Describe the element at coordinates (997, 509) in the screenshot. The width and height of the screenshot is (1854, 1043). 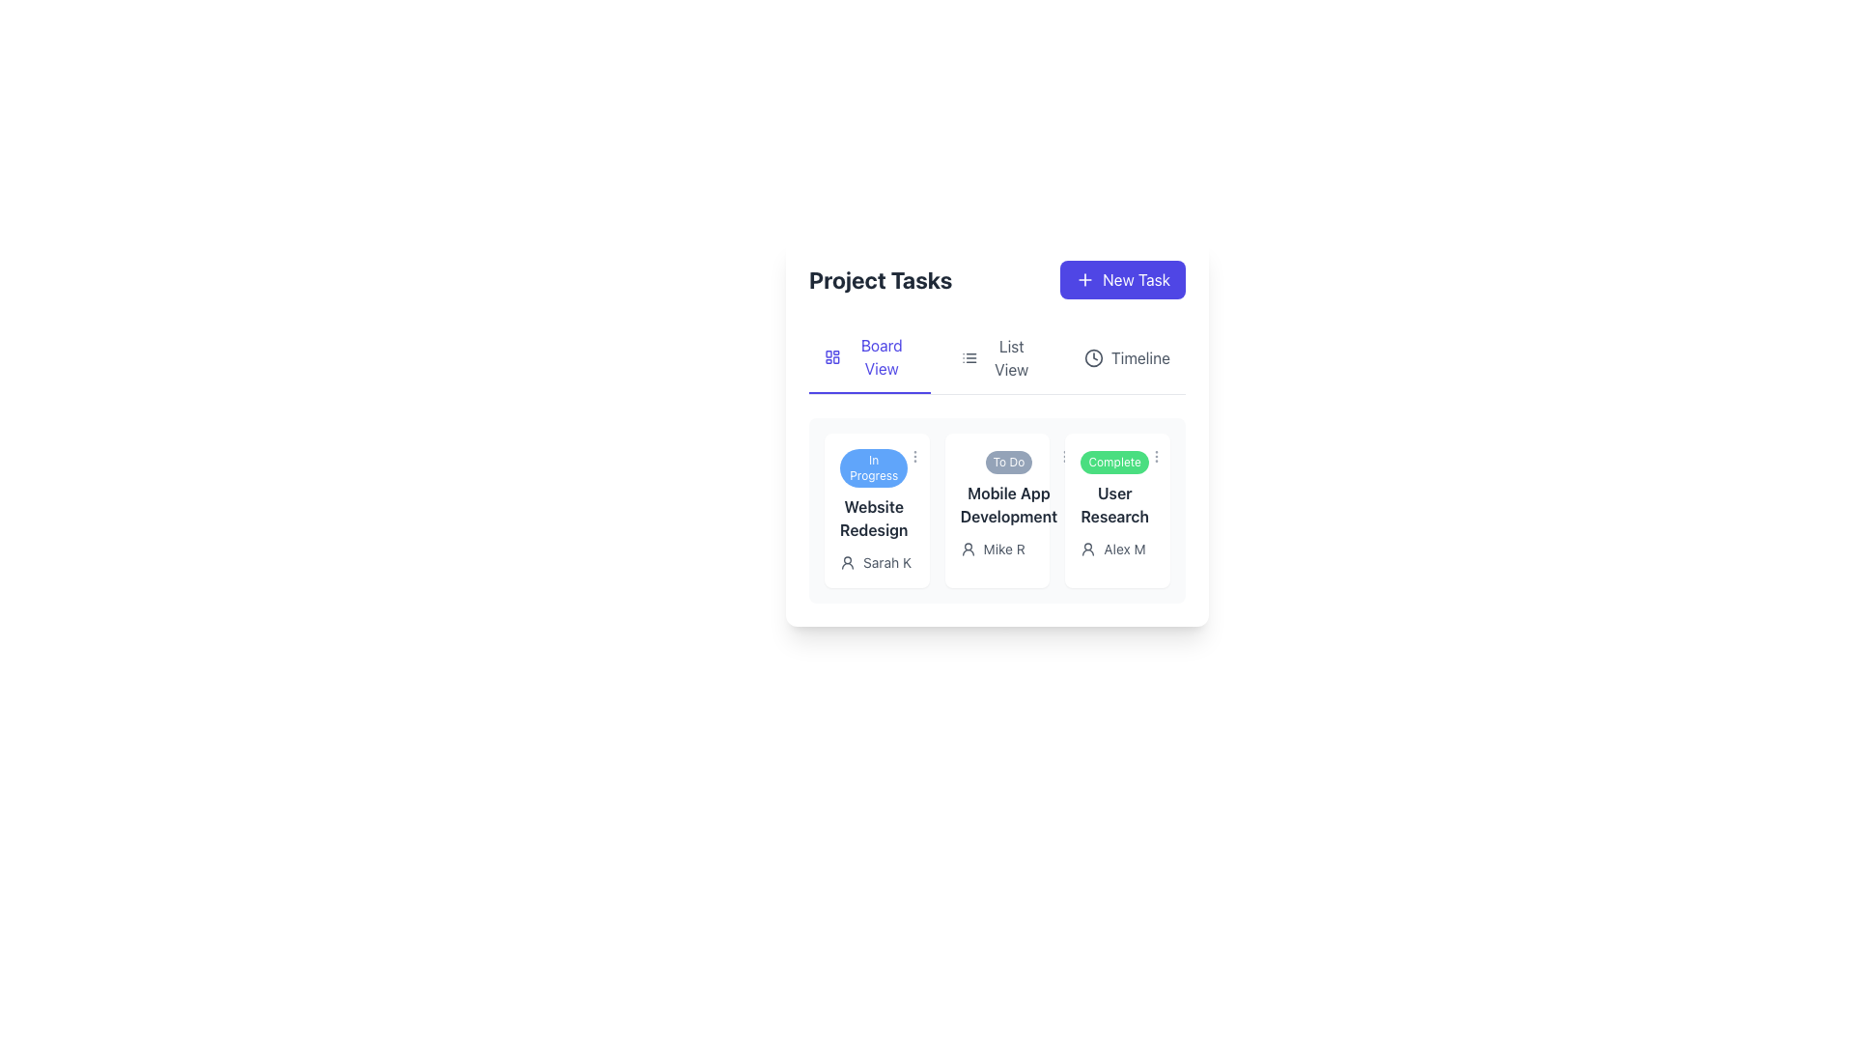
I see `the second card in the grid layout displaying task details, which has a white background and contains the 'To Do' tag and 'Mobile App Development' title` at that location.